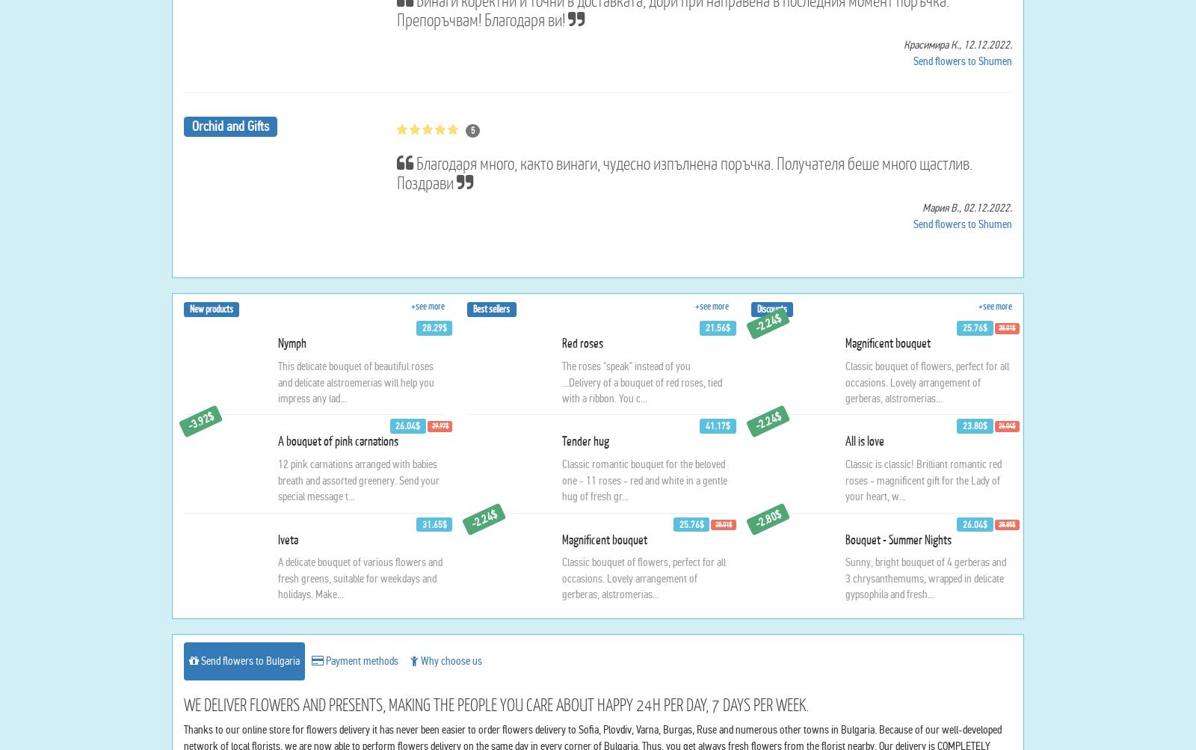 The width and height of the screenshot is (1196, 750). What do you see at coordinates (229, 355) in the screenshot?
I see `'Orchid and Gifts'` at bounding box center [229, 355].